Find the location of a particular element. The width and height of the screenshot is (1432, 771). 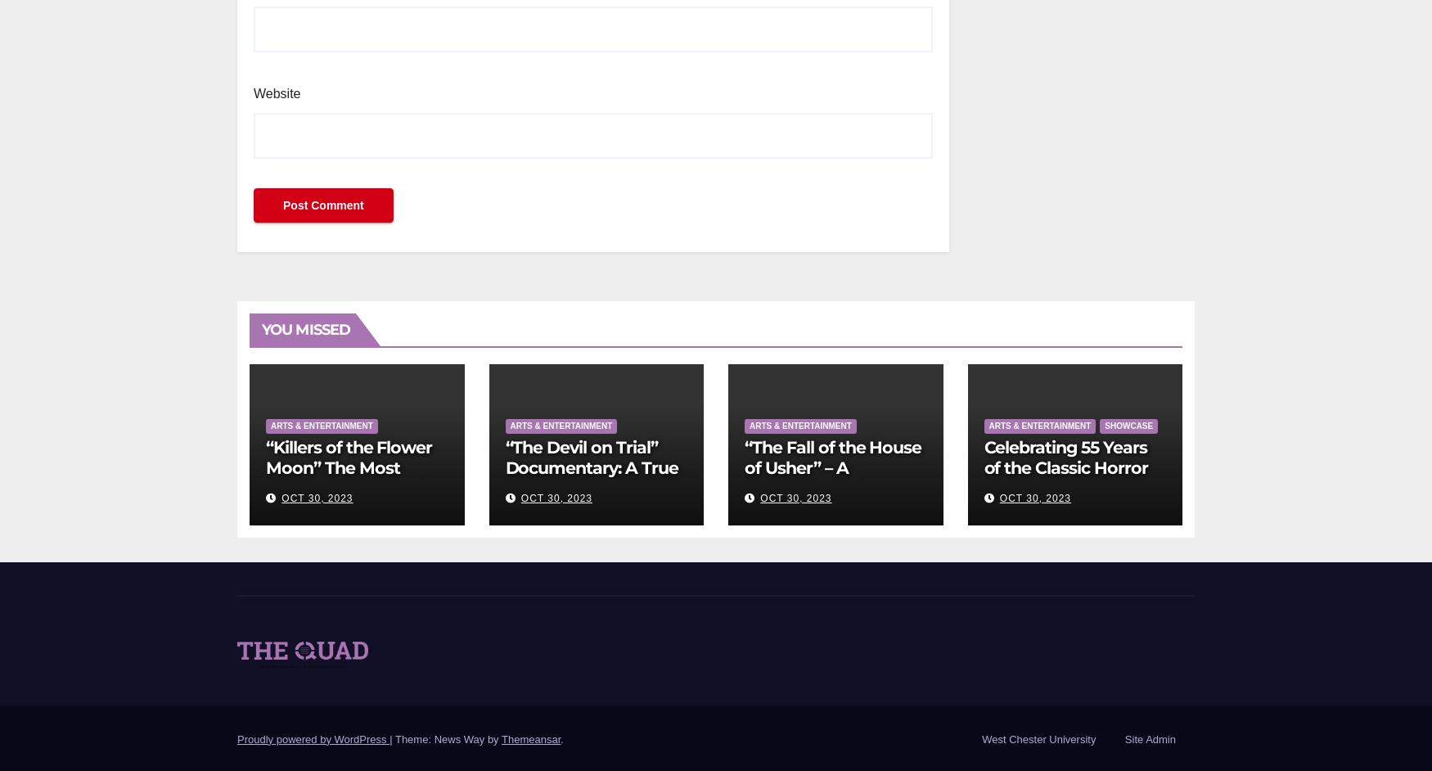

'Celebrating 55 Years of the Classic Horror Movie, “Night of the Living Dead”' is located at coordinates (1065, 477).